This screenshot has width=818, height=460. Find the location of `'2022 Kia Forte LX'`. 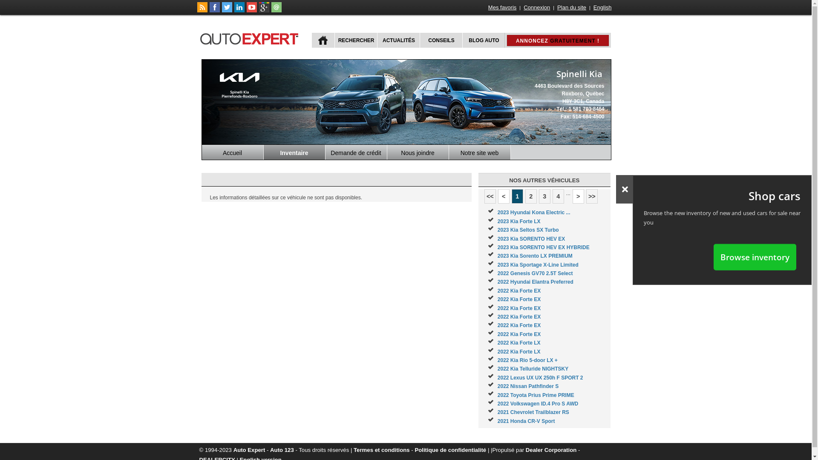

'2022 Kia Forte LX' is located at coordinates (518, 351).